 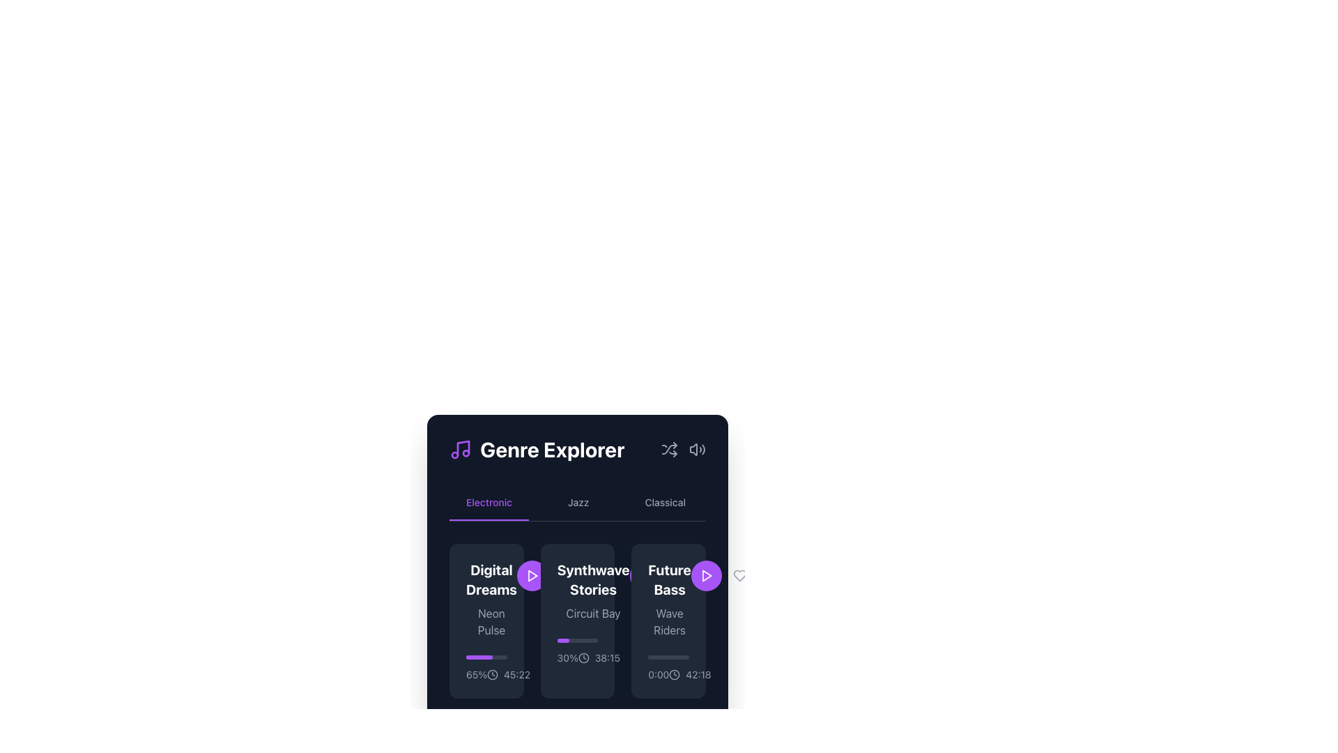 What do you see at coordinates (486, 599) in the screenshot?
I see `the Text Display element that contains the text 'Digital Dreams' in large, bold white font followed by 'Neon Pulse' in smaller, gray text, located in the first card of the 'Genre Explorer' interface` at bounding box center [486, 599].